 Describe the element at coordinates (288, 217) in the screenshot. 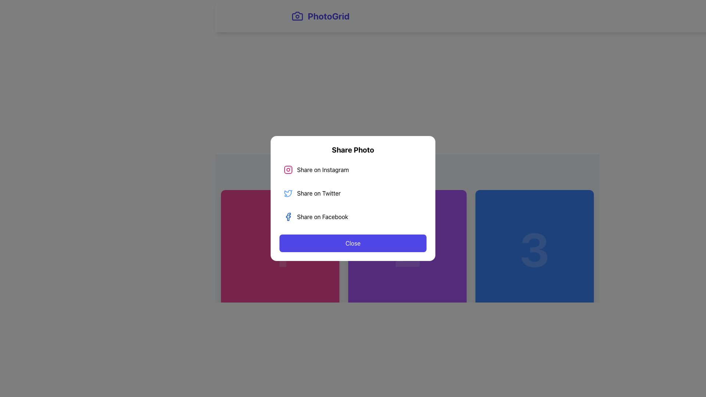

I see `the blue Facebook icon with a lowercase 'f' design located in the 'Share on Facebook' row to trigger a response` at that location.